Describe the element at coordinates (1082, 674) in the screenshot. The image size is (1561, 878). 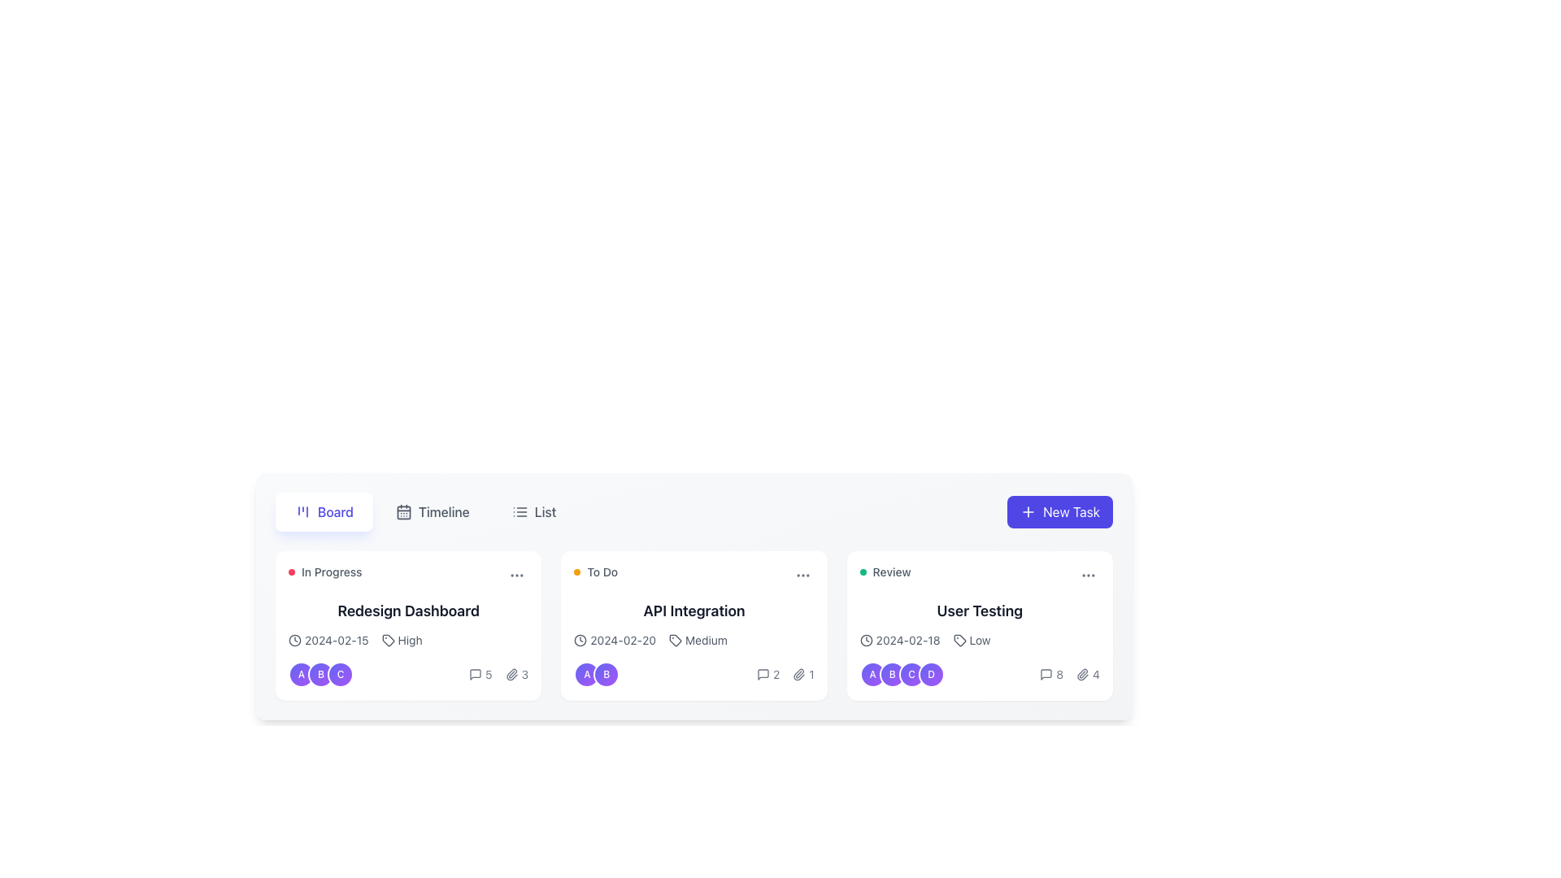
I see `the attachment icon located at the bottom right corner of the 'User Testing' card` at that location.